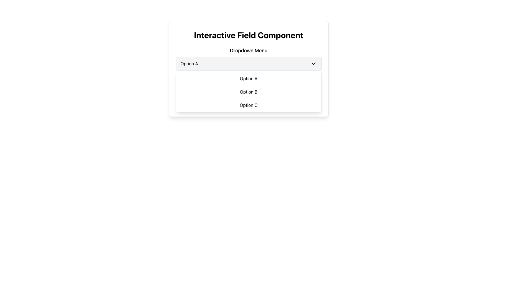 This screenshot has height=299, width=532. What do you see at coordinates (248, 63) in the screenshot?
I see `the gray rectangular dropdown menu containing 'Option A'` at bounding box center [248, 63].